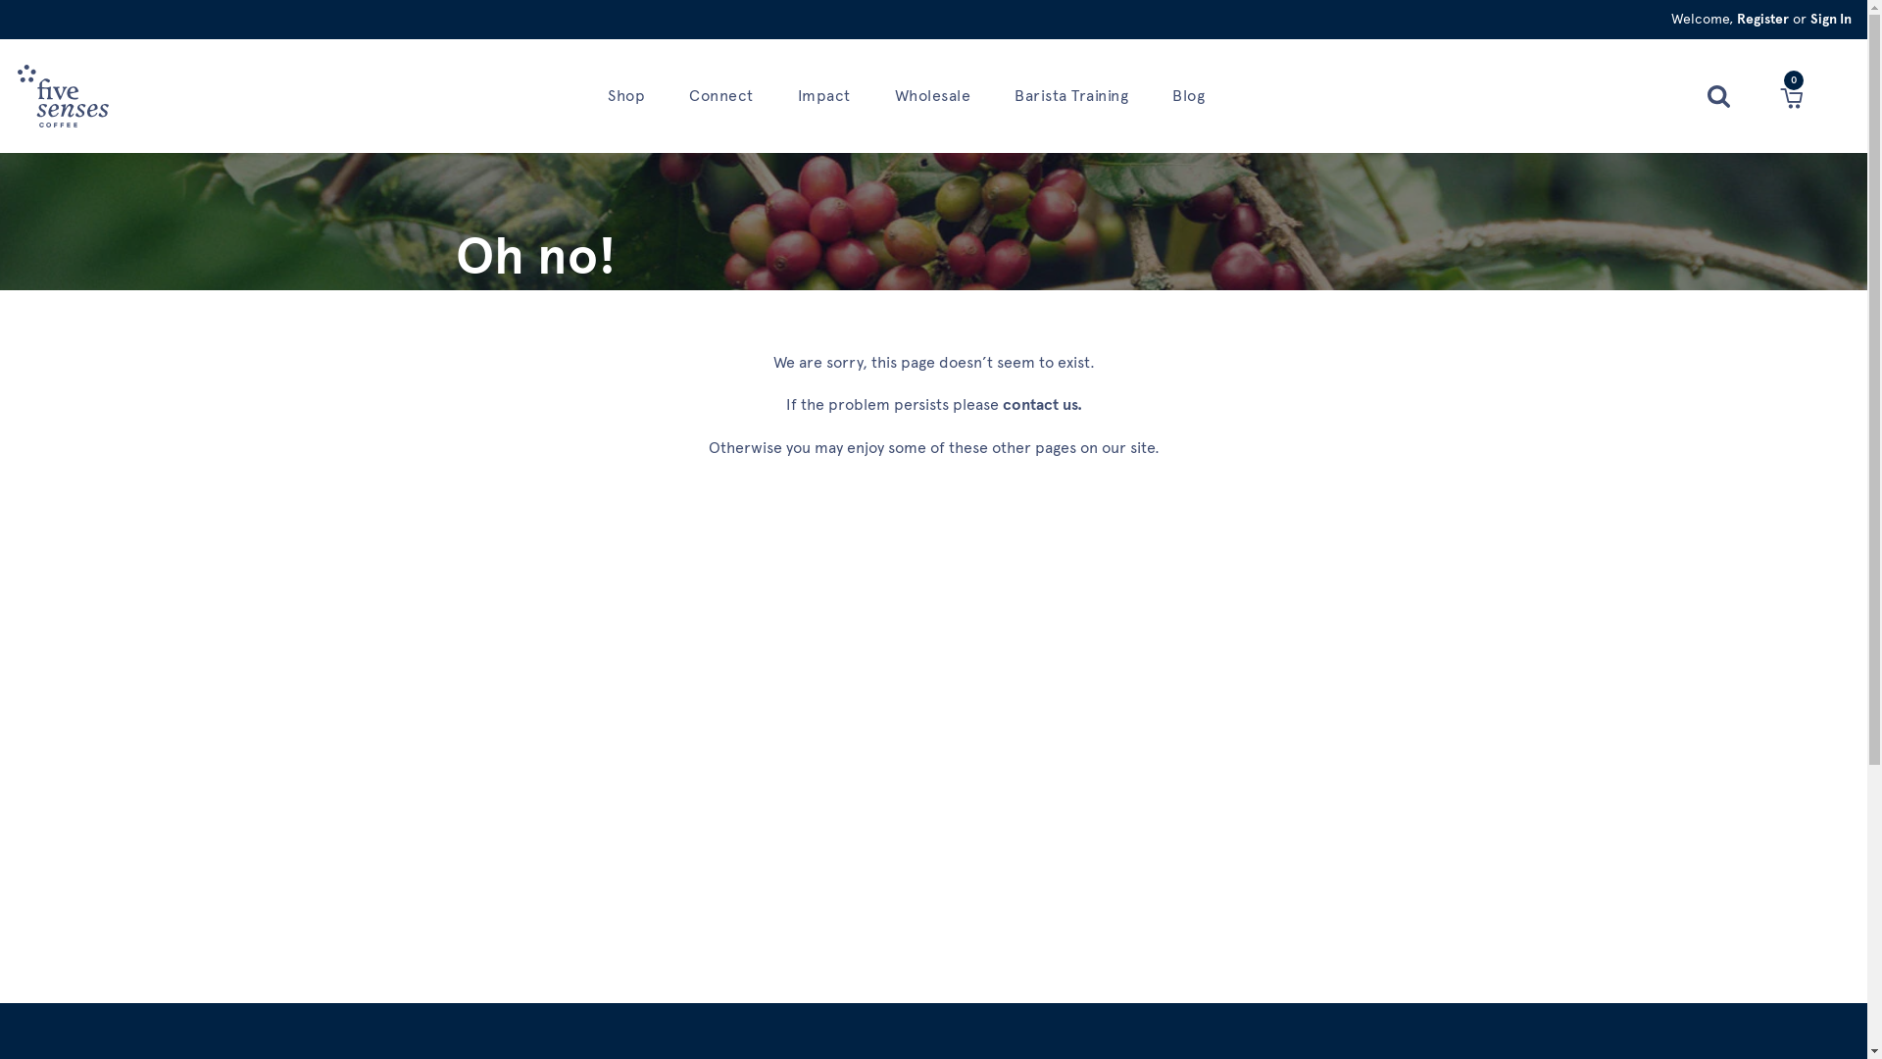 This screenshot has width=1882, height=1059. I want to click on 'Wholesale', so click(933, 95).